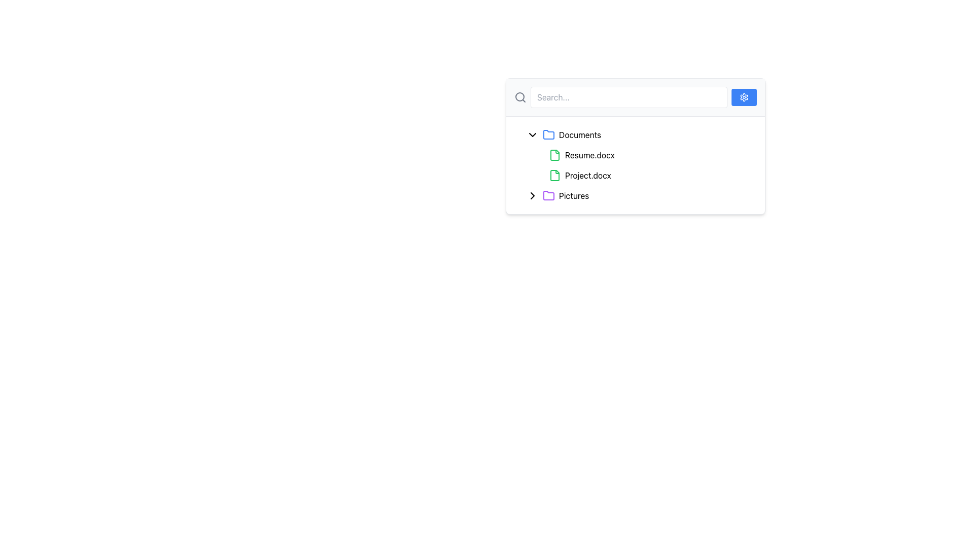 The width and height of the screenshot is (974, 548). I want to click on the settings button located, so click(744, 97).